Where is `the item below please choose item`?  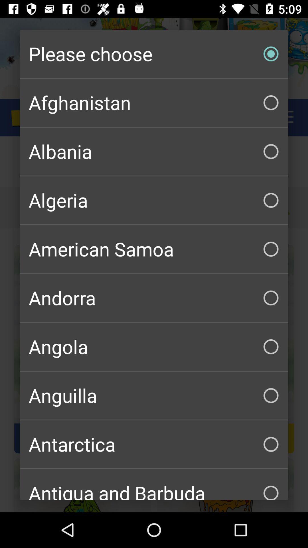
the item below please choose item is located at coordinates (154, 103).